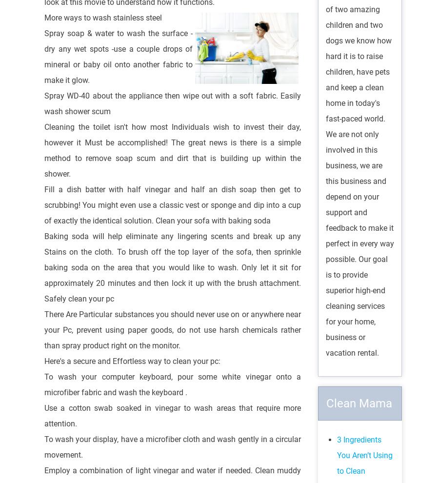  I want to click on 'Fill a dish batter with half vinegar and half an dish soap then get to scrubbing! You might even use a classic vest or sponge and dip into a cup of exactly the identical solution. Clean your sofa with baking soda', so click(172, 204).